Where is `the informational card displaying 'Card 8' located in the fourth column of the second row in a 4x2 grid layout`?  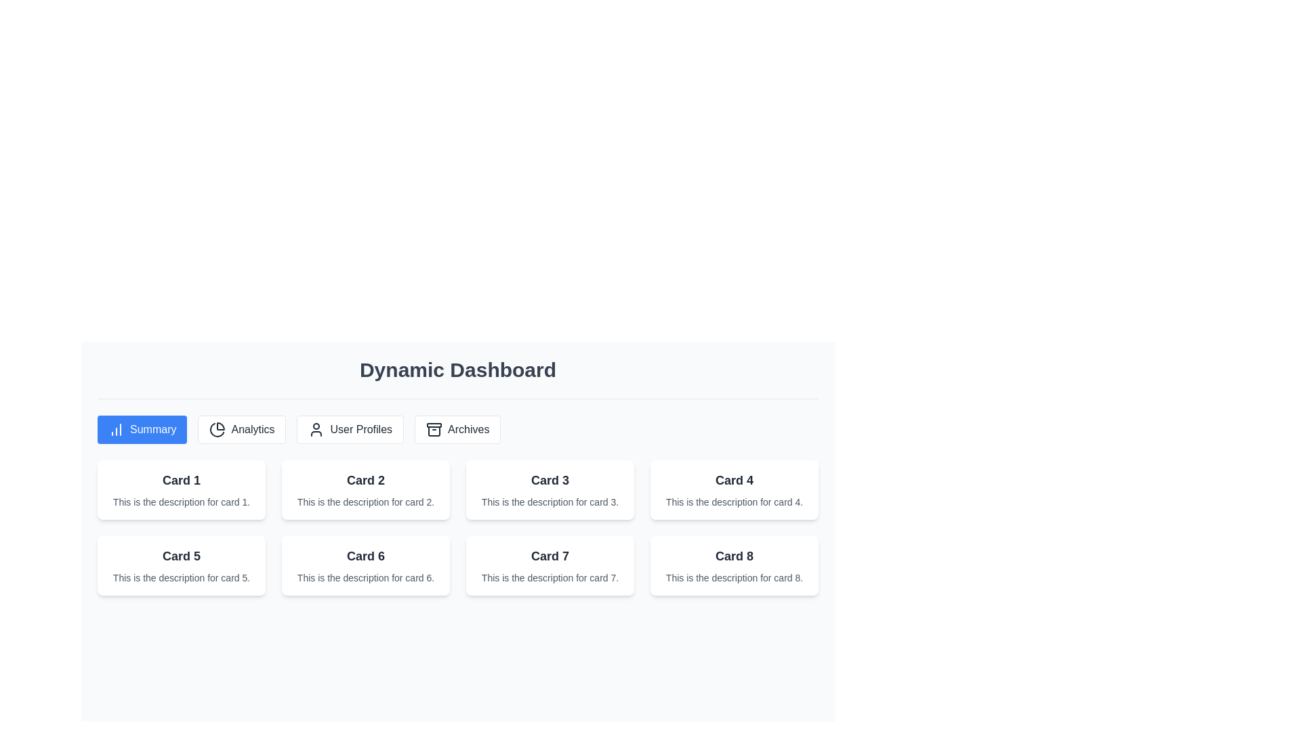 the informational card displaying 'Card 8' located in the fourth column of the second row in a 4x2 grid layout is located at coordinates (734, 566).